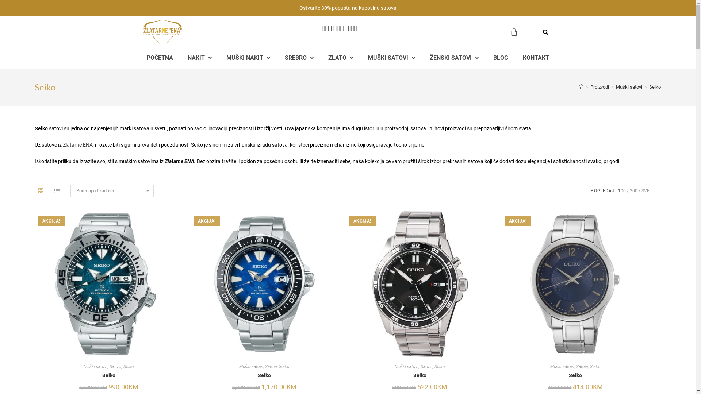 This screenshot has width=701, height=394. What do you see at coordinates (655, 86) in the screenshot?
I see `'Seiko'` at bounding box center [655, 86].